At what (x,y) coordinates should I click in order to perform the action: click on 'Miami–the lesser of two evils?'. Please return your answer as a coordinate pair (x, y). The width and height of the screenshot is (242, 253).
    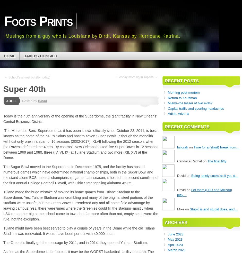
    Looking at the image, I should click on (190, 103).